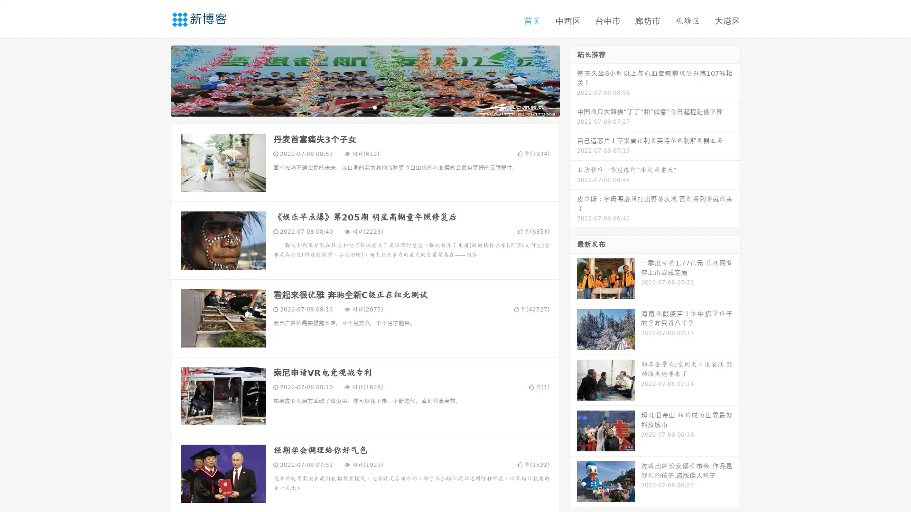 The width and height of the screenshot is (911, 512). I want to click on Previous slide, so click(157, 80).